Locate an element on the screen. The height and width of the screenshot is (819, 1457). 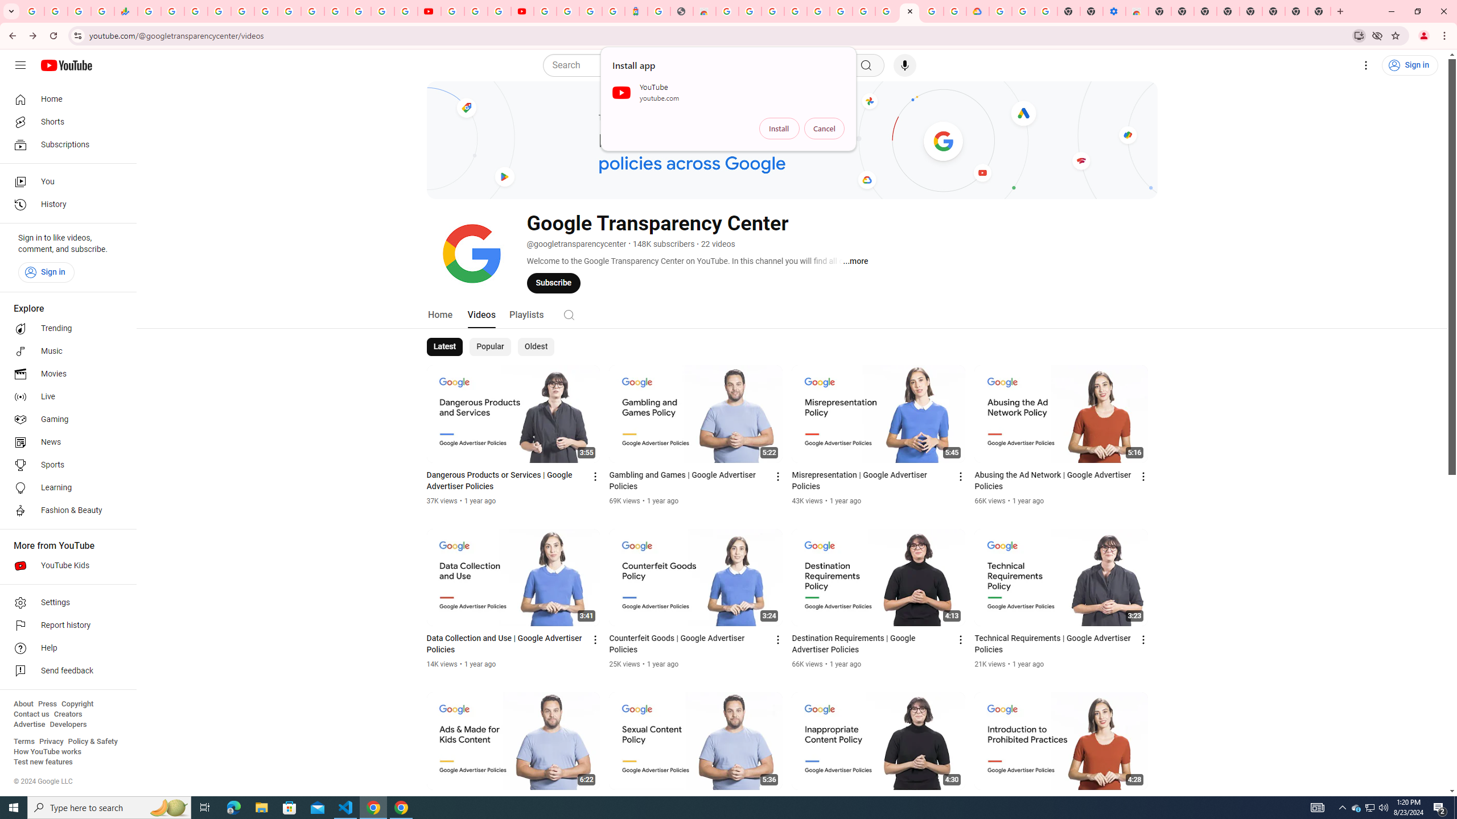
'New Tab' is located at coordinates (1319, 11).